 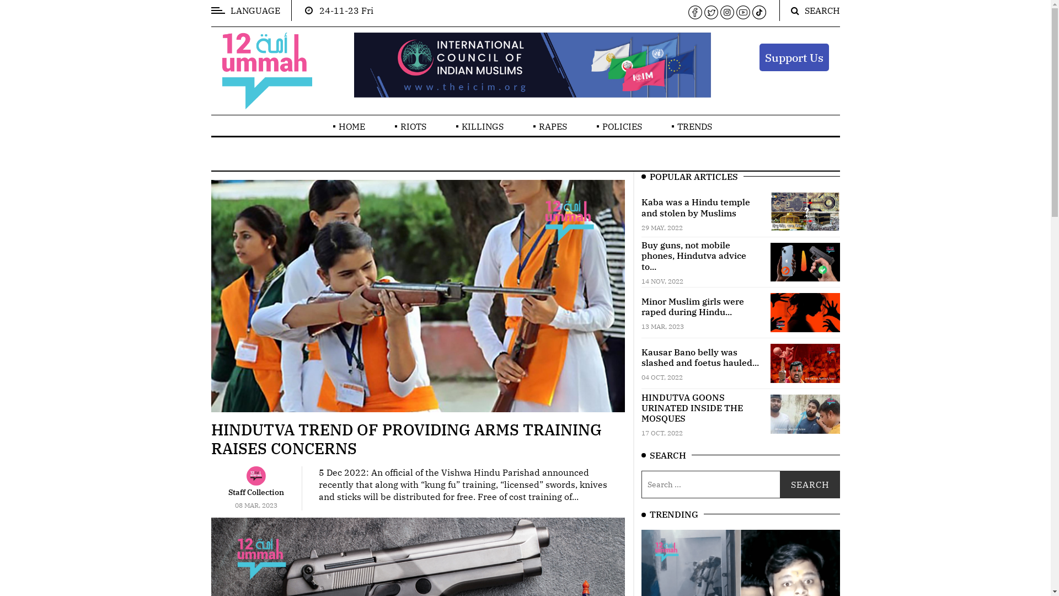 What do you see at coordinates (255, 491) in the screenshot?
I see `'Staff Collection'` at bounding box center [255, 491].